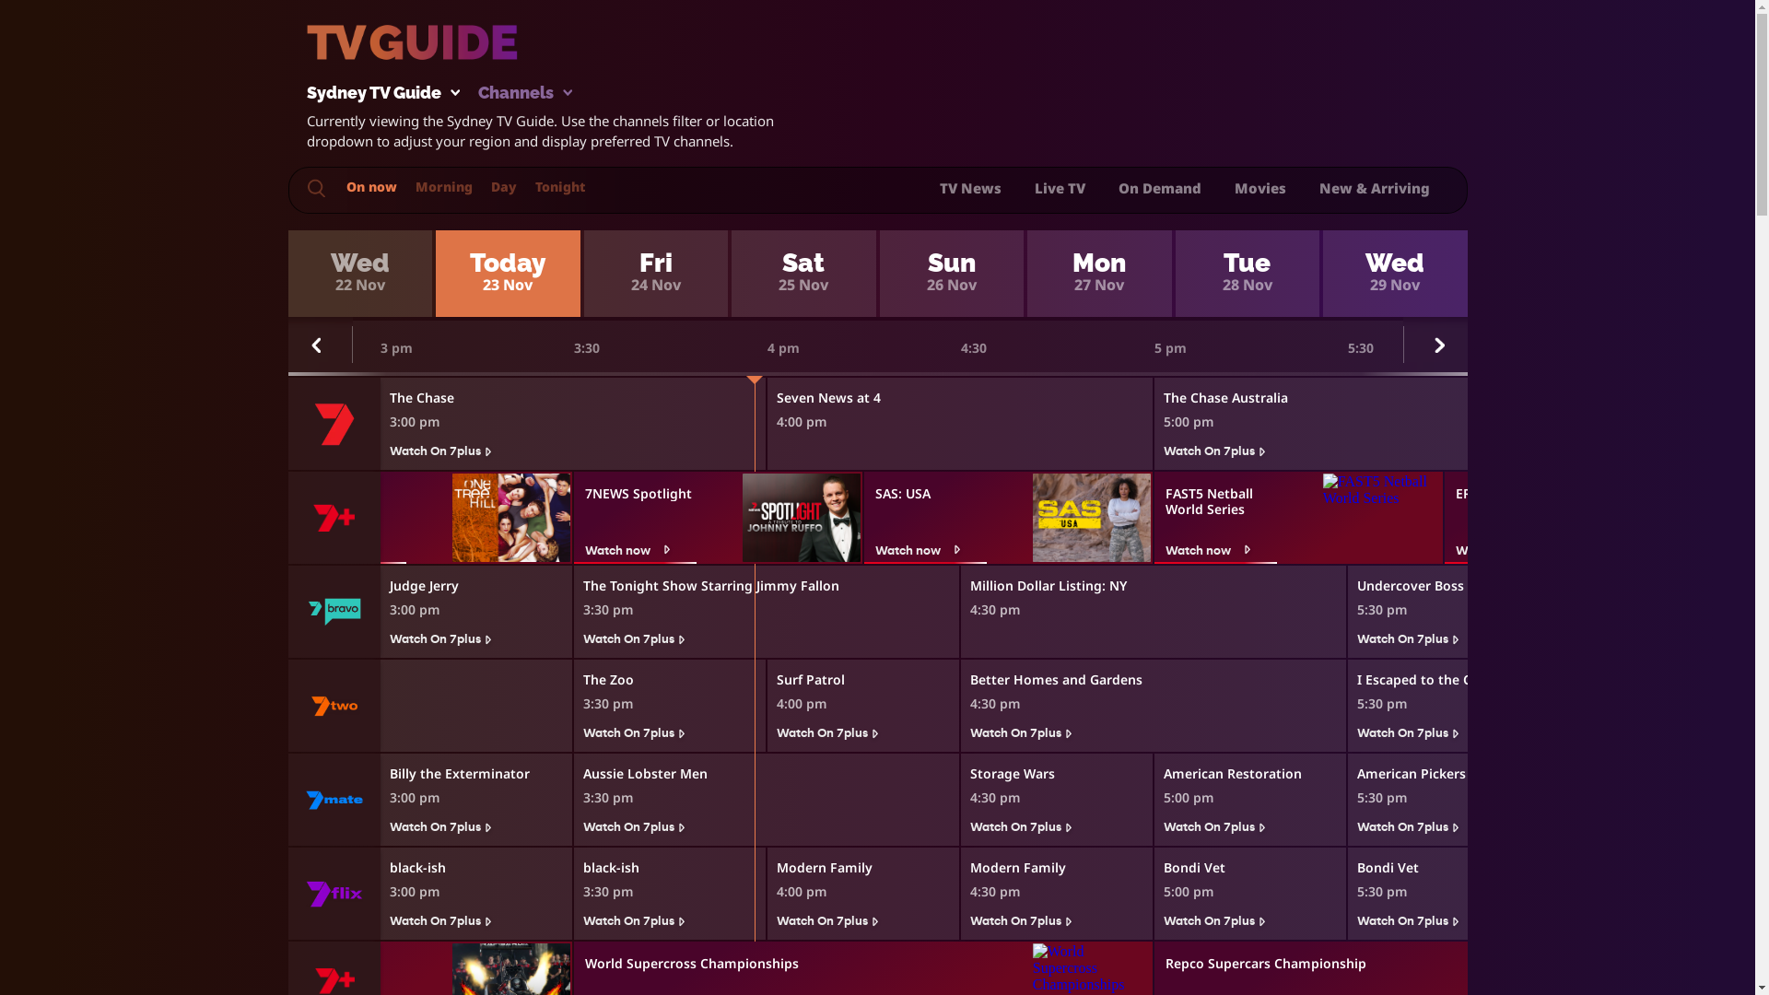 The image size is (1769, 995). What do you see at coordinates (1375, 188) in the screenshot?
I see `'New & Arriving'` at bounding box center [1375, 188].